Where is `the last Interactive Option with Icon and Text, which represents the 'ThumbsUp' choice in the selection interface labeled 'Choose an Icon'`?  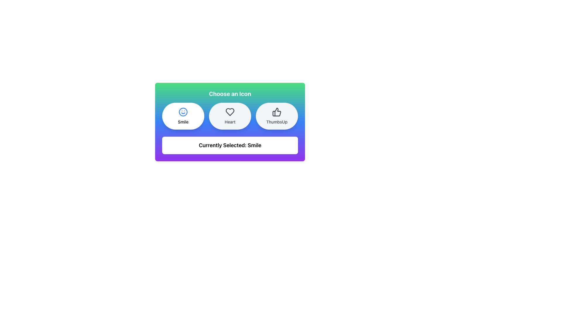 the last Interactive Option with Icon and Text, which represents the 'ThumbsUp' choice in the selection interface labeled 'Choose an Icon' is located at coordinates (276, 116).